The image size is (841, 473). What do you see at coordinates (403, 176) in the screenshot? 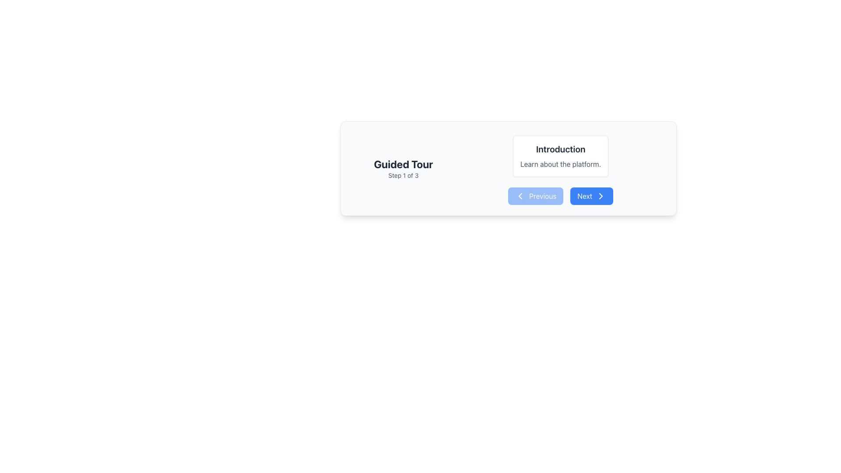
I see `the Text Label displaying 'Step 1 of 3', which is located below the bold title 'Guided Tour' in a small, gray font` at bounding box center [403, 176].